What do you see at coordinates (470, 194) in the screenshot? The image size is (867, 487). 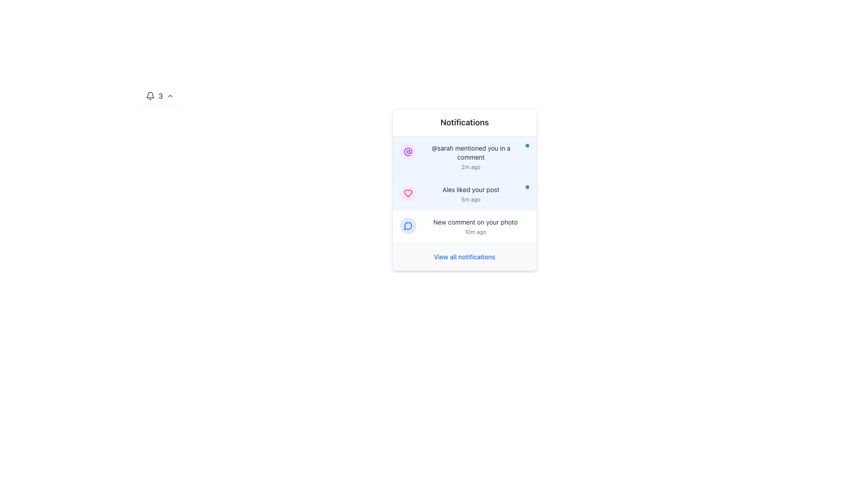 I see `the second informational label in the notifications area that indicates Alex liking a post` at bounding box center [470, 194].